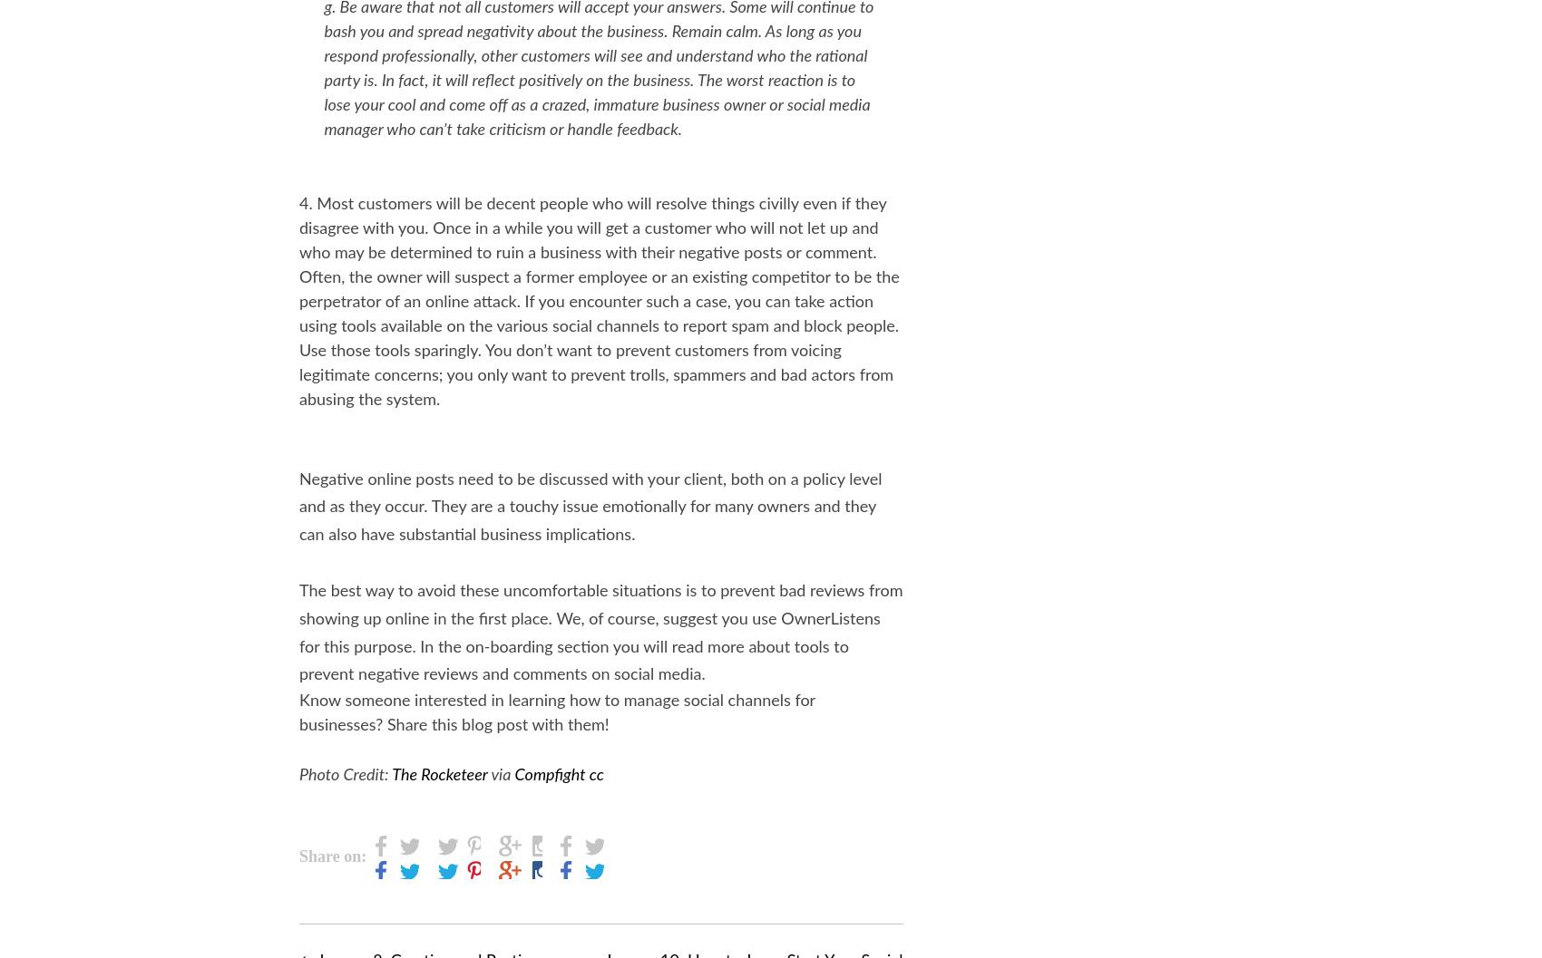  What do you see at coordinates (556, 713) in the screenshot?
I see `'Know someone interested in learning how to manage social channels for businesses? Share this blog post with them!'` at bounding box center [556, 713].